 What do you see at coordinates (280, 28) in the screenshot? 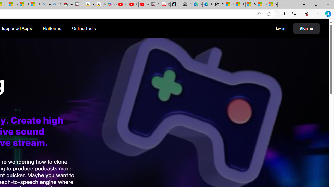
I see `'Login'` at bounding box center [280, 28].